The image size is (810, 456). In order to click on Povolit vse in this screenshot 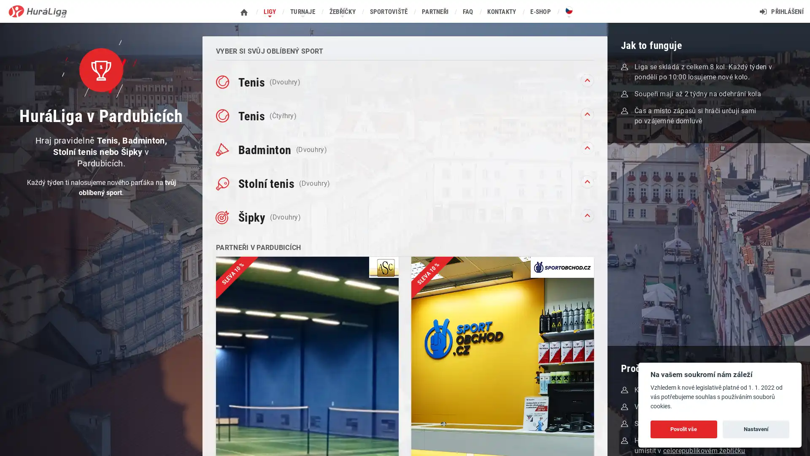, I will do `click(683, 429)`.